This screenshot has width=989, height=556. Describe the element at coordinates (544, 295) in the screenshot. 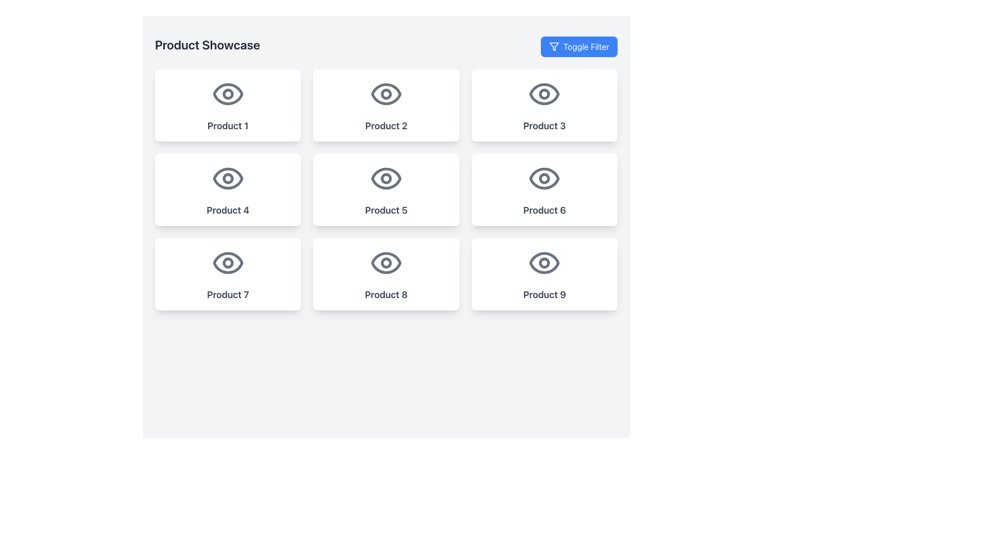

I see `the TextLabel that displays the product name located at the bottom-center of the card in the third row and third column of the grid layout` at that location.